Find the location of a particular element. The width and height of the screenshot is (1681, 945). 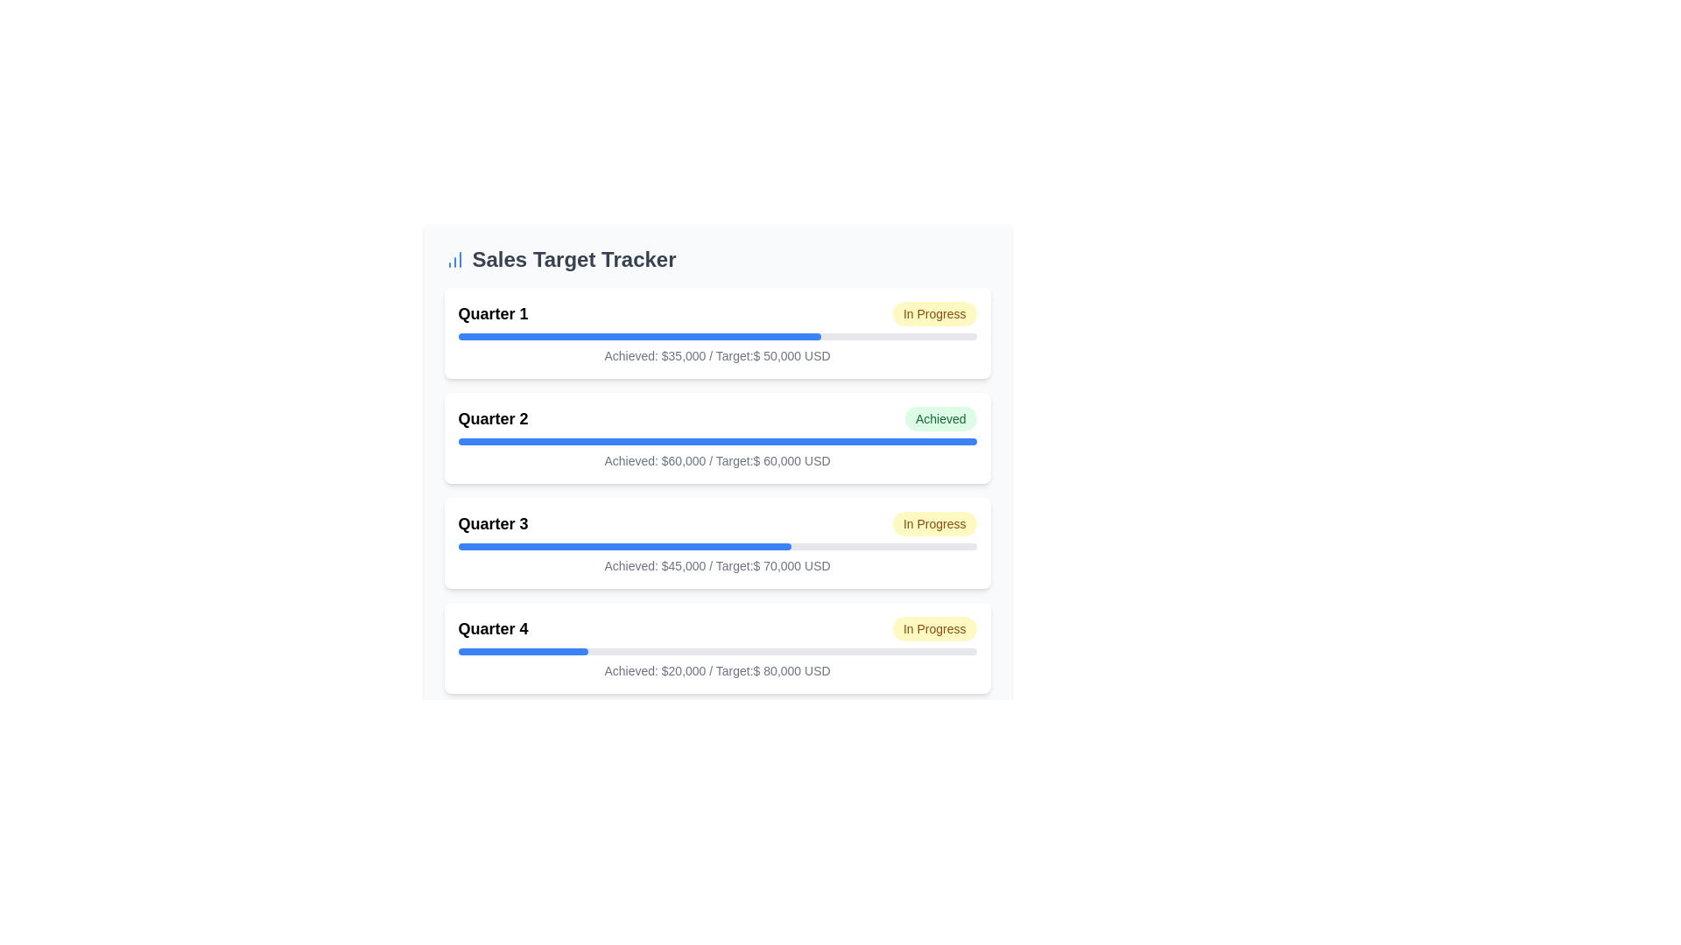

the Status label that displays the current status of 'Quarter 4' to potentially trigger an interaction is located at coordinates (933, 627).